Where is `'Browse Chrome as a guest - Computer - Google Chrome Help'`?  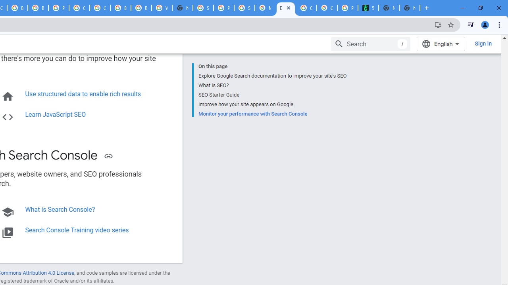
'Browse Chrome as a guest - Computer - Google Chrome Help' is located at coordinates (120, 8).